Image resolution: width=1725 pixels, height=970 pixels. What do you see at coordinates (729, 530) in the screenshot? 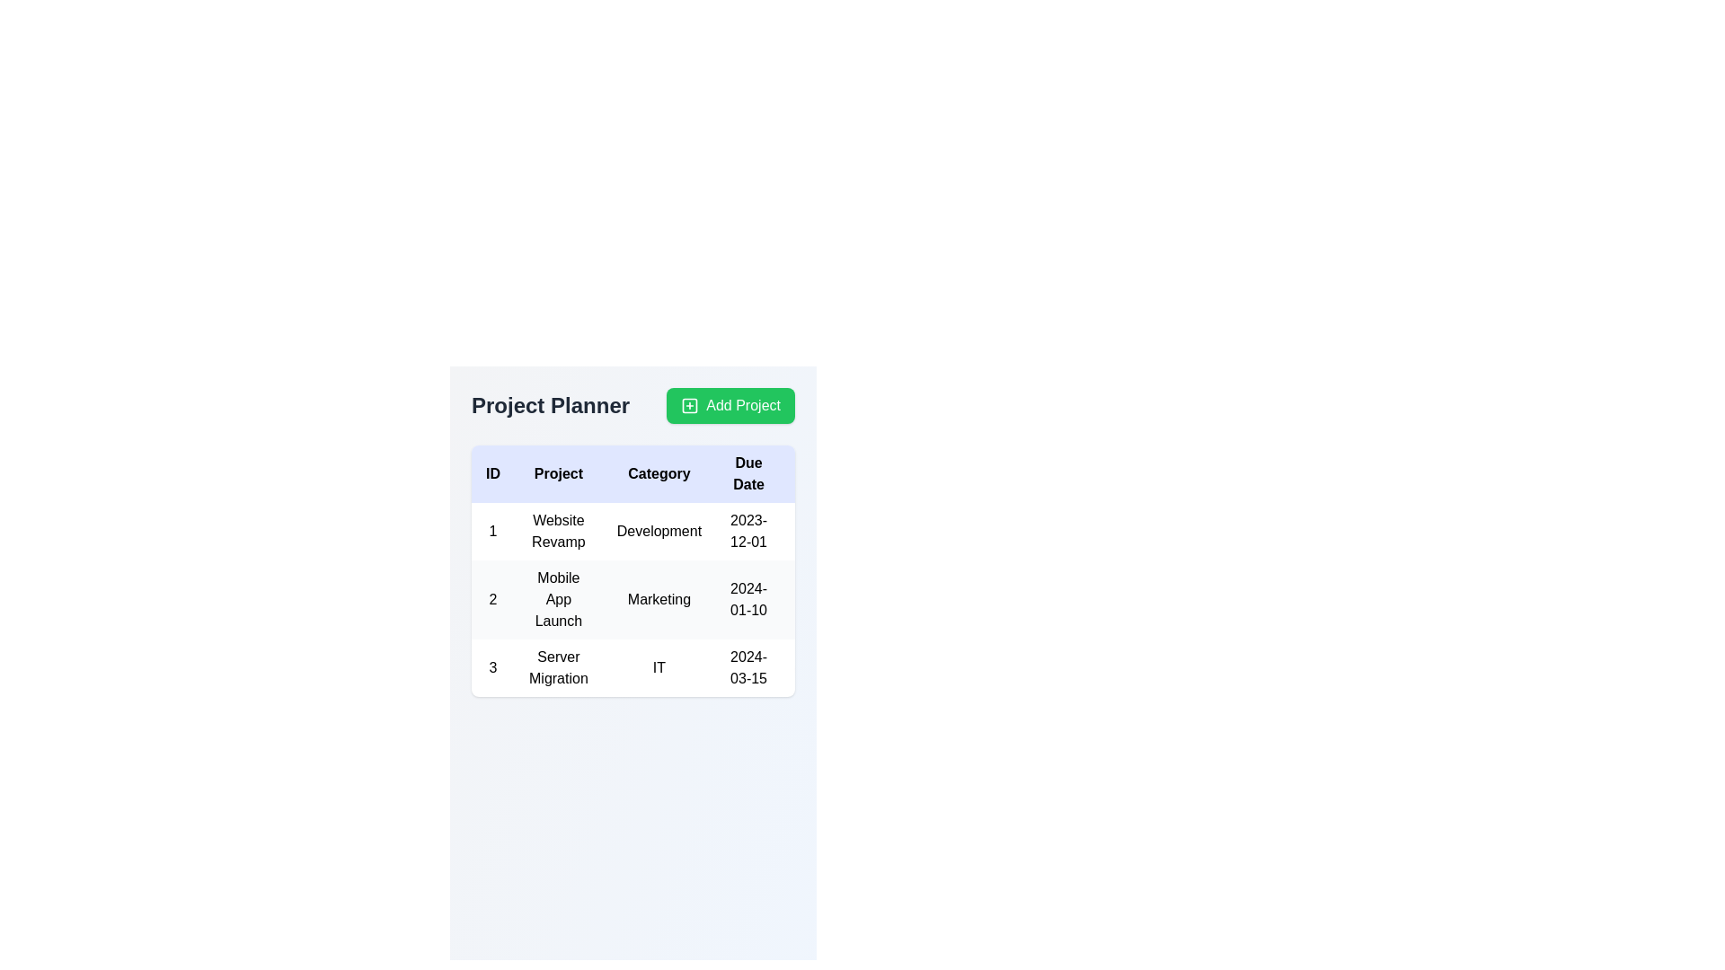
I see `the first row in the Project Planner table that displays detailed information about a specific project` at bounding box center [729, 530].